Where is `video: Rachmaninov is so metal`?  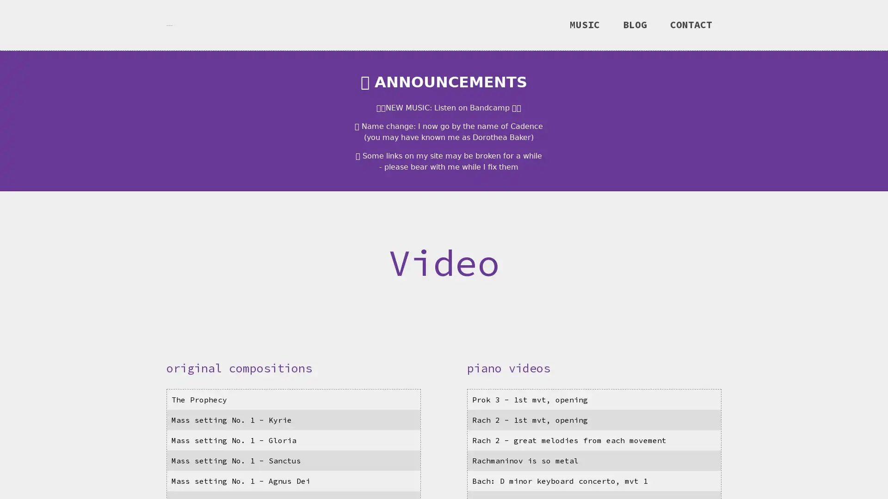
video: Rachmaninov is so metal is located at coordinates (594, 460).